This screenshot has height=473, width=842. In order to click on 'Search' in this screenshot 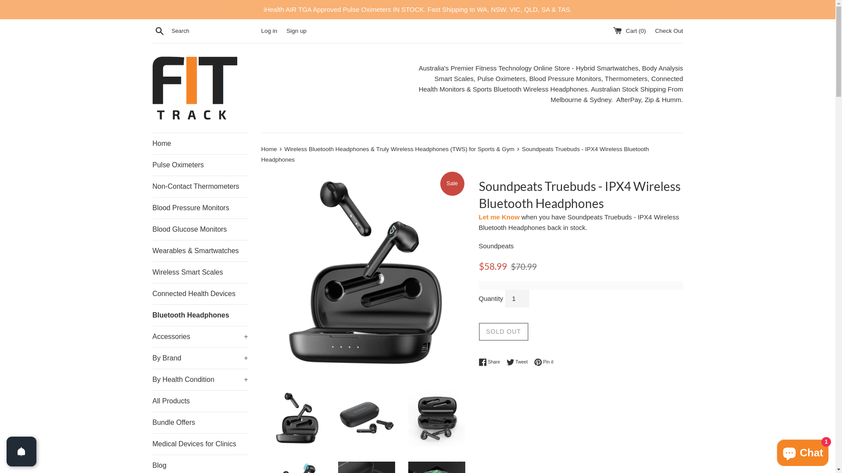, I will do `click(160, 30)`.